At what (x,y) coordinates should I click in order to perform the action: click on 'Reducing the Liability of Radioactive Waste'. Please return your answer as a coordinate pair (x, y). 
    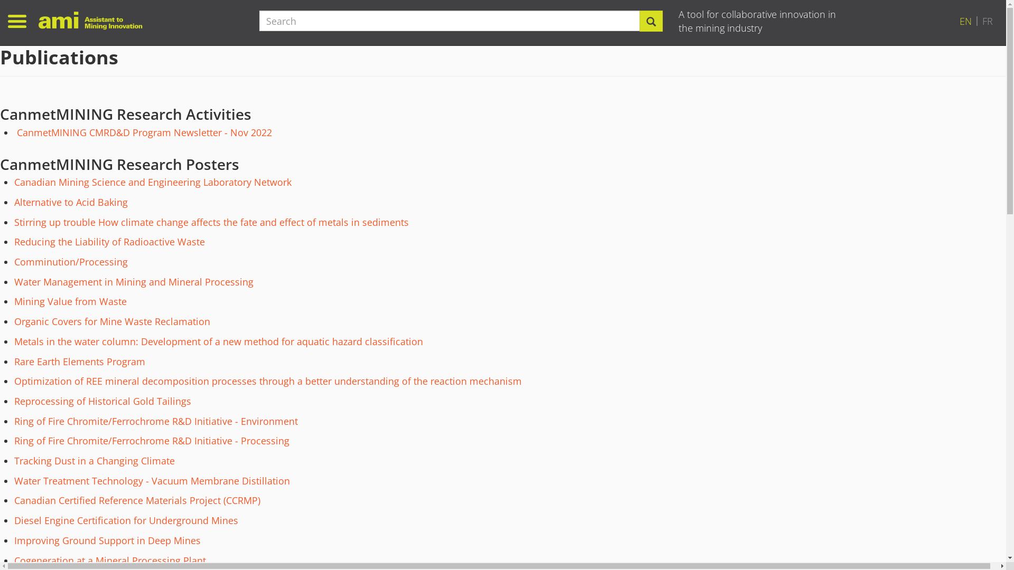
    Looking at the image, I should click on (109, 242).